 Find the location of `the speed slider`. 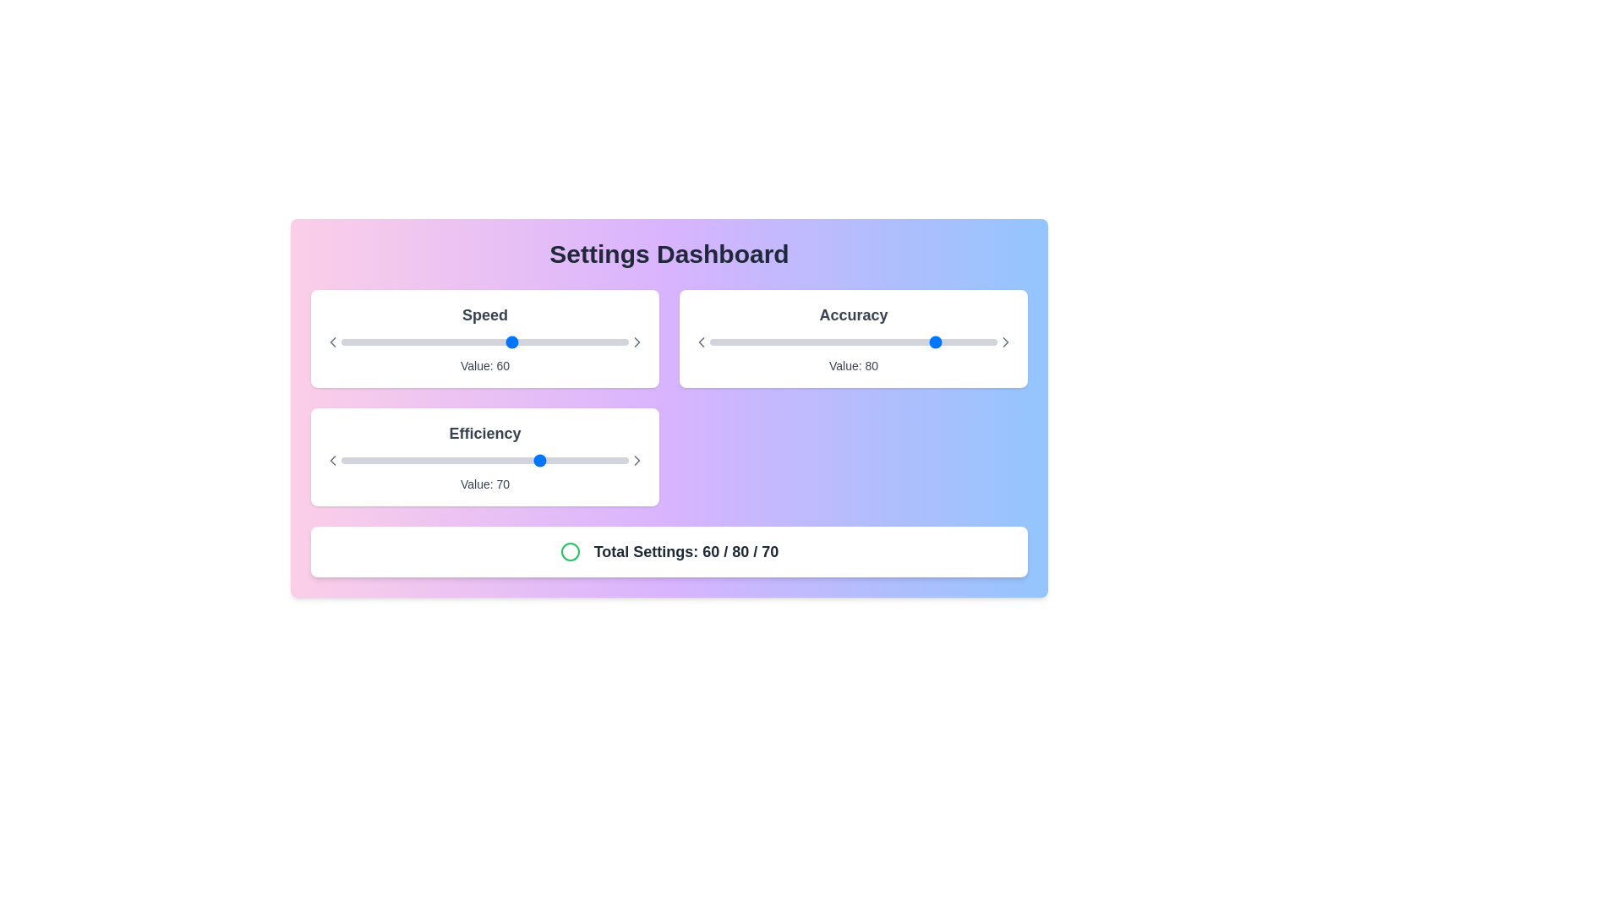

the speed slider is located at coordinates (360, 342).